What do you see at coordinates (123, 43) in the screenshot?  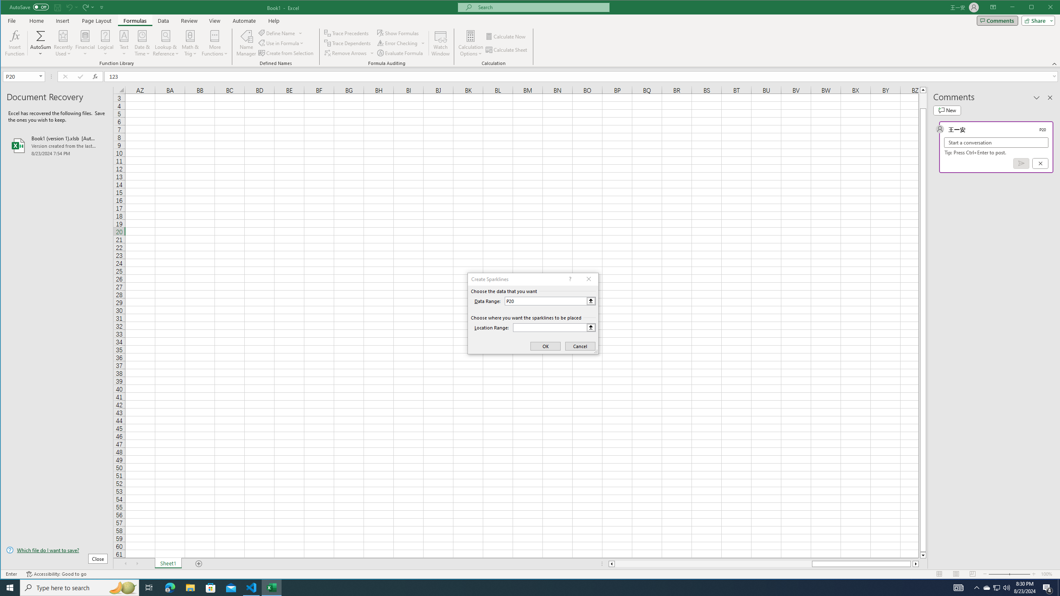 I see `'Text'` at bounding box center [123, 43].